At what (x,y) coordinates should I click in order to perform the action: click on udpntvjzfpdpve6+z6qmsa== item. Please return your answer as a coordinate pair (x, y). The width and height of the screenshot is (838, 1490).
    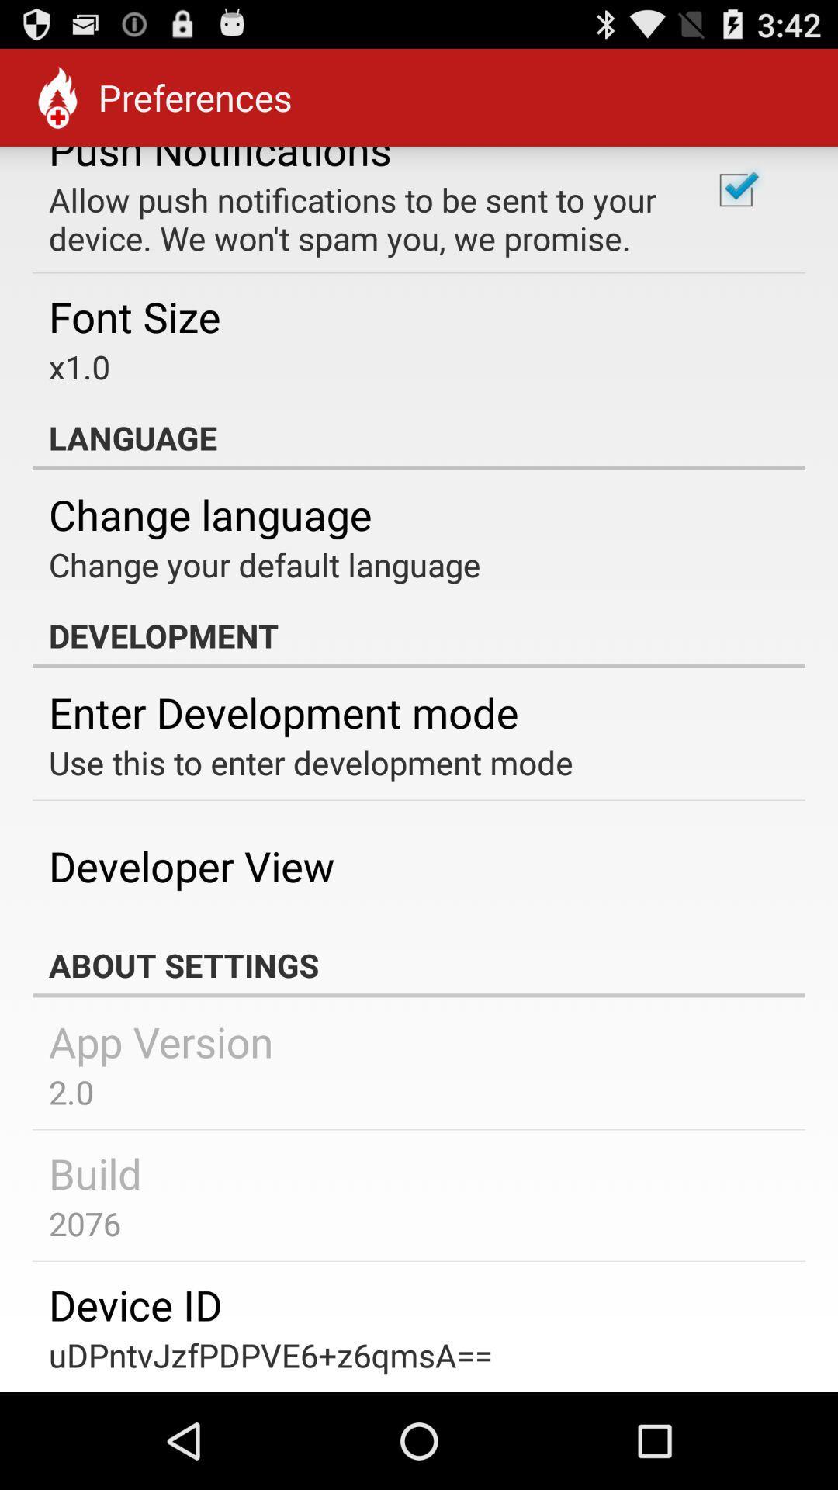
    Looking at the image, I should click on (270, 1354).